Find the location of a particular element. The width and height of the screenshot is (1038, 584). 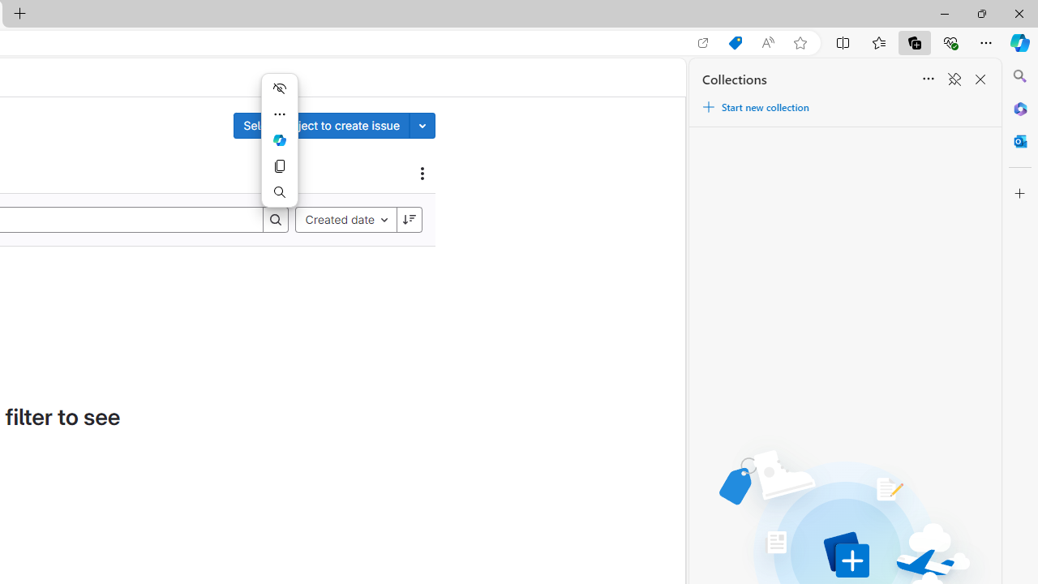

'Select project to create issue' is located at coordinates (321, 124).